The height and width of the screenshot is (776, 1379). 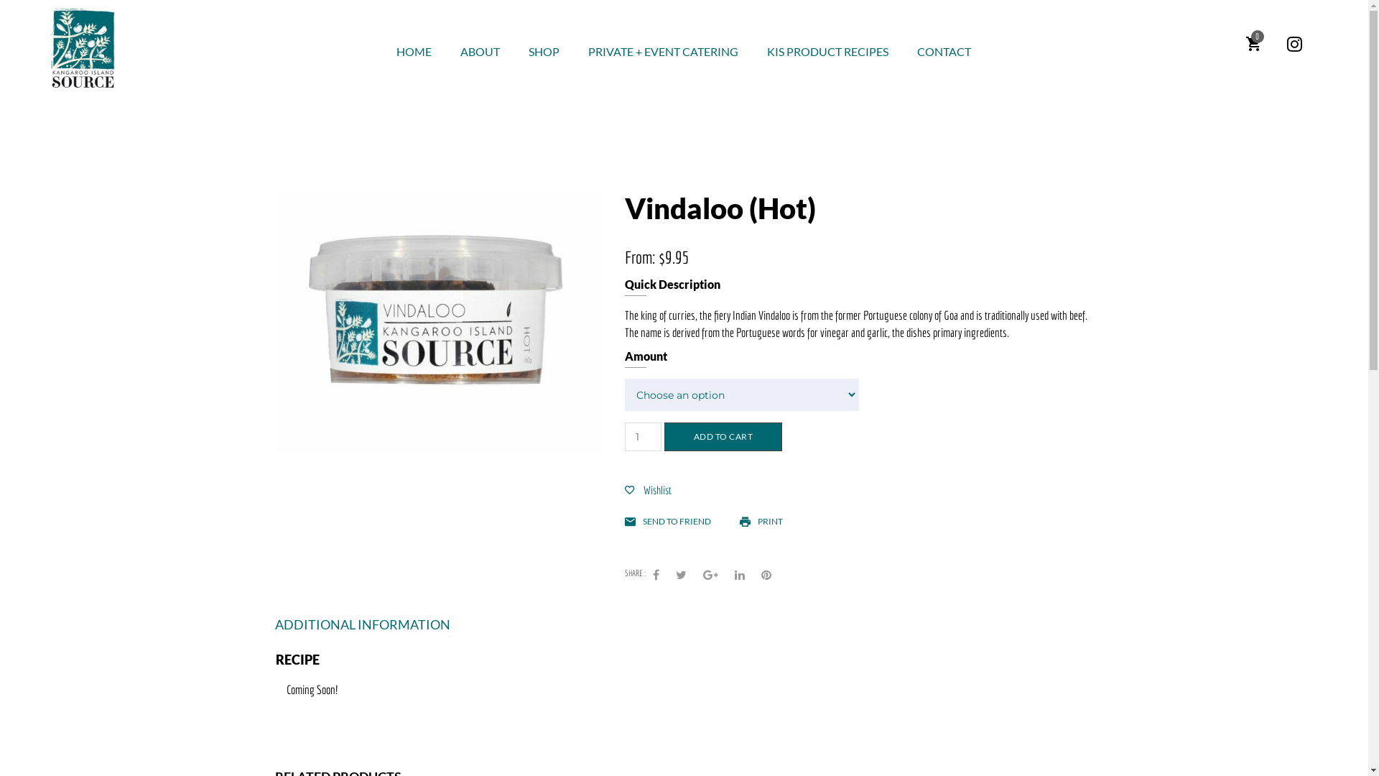 What do you see at coordinates (651, 573) in the screenshot?
I see `'Facebook'` at bounding box center [651, 573].